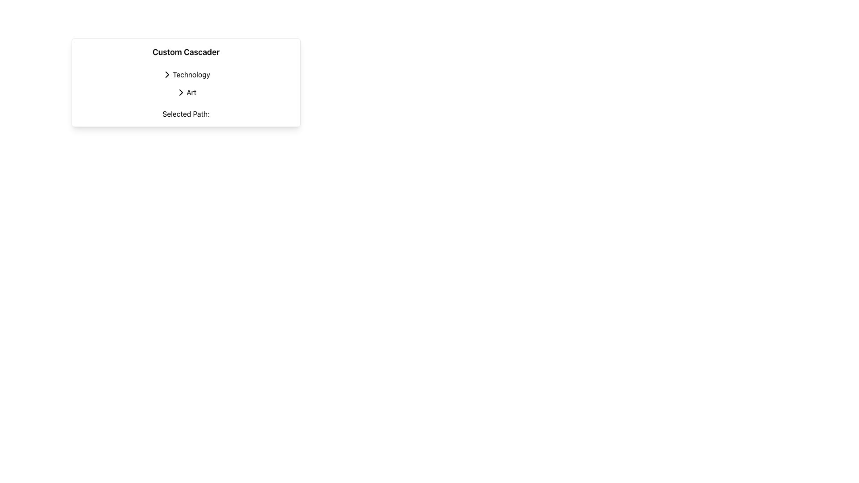 The image size is (859, 483). Describe the element at coordinates (186, 93) in the screenshot. I see `the 'Art' interactive menu option, which features a text label and a right-pointing chevron icon, located below the 'Technology' label in the 'Custom Cascader' section` at that location.